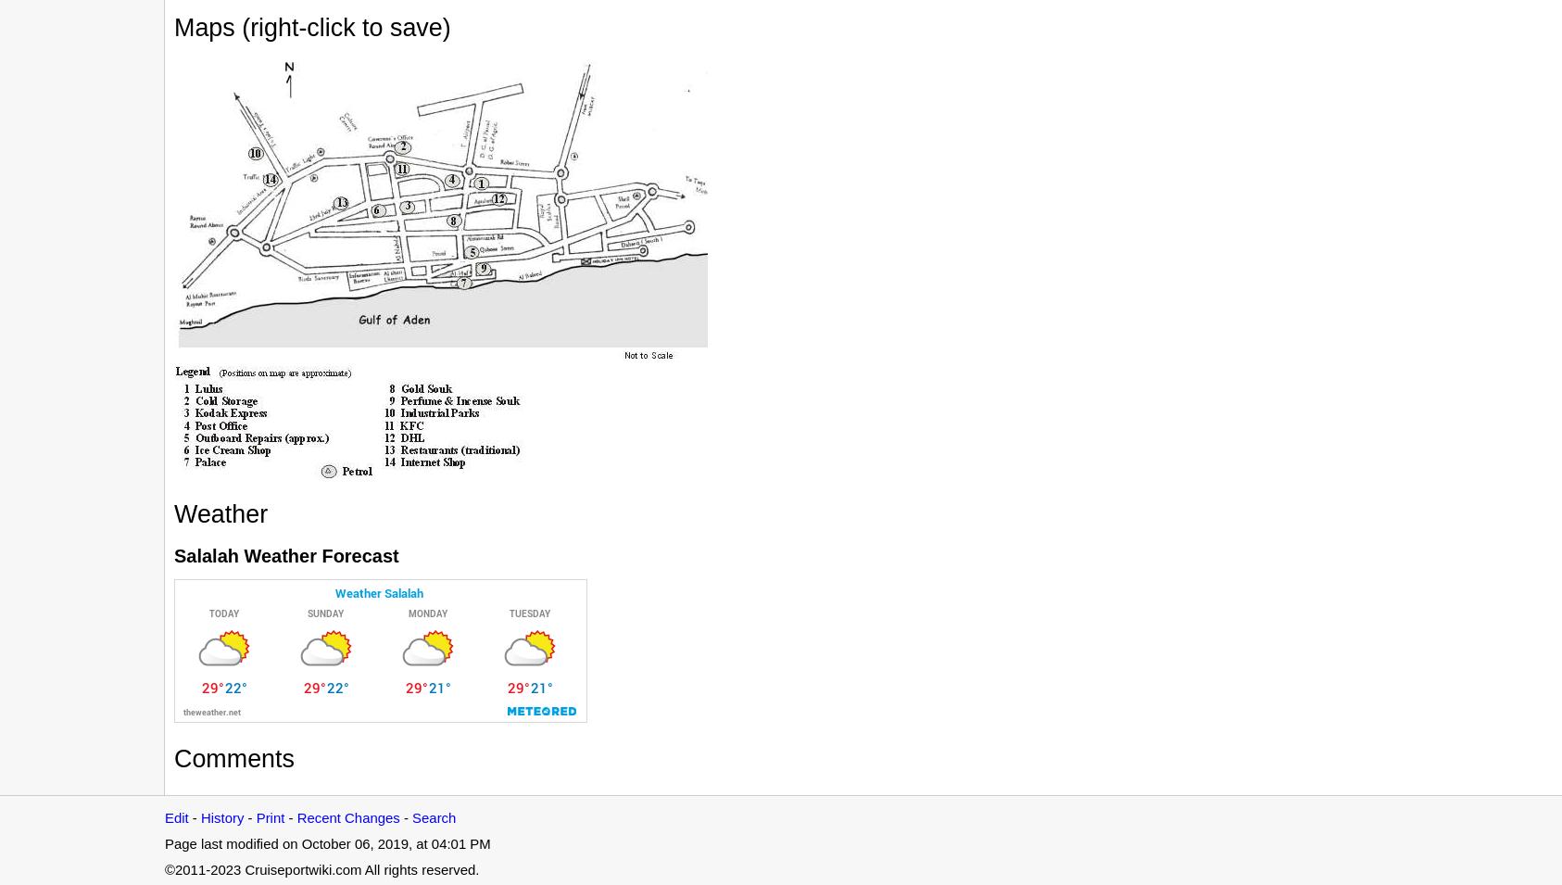  Describe the element at coordinates (165, 816) in the screenshot. I see `'Edit'` at that location.